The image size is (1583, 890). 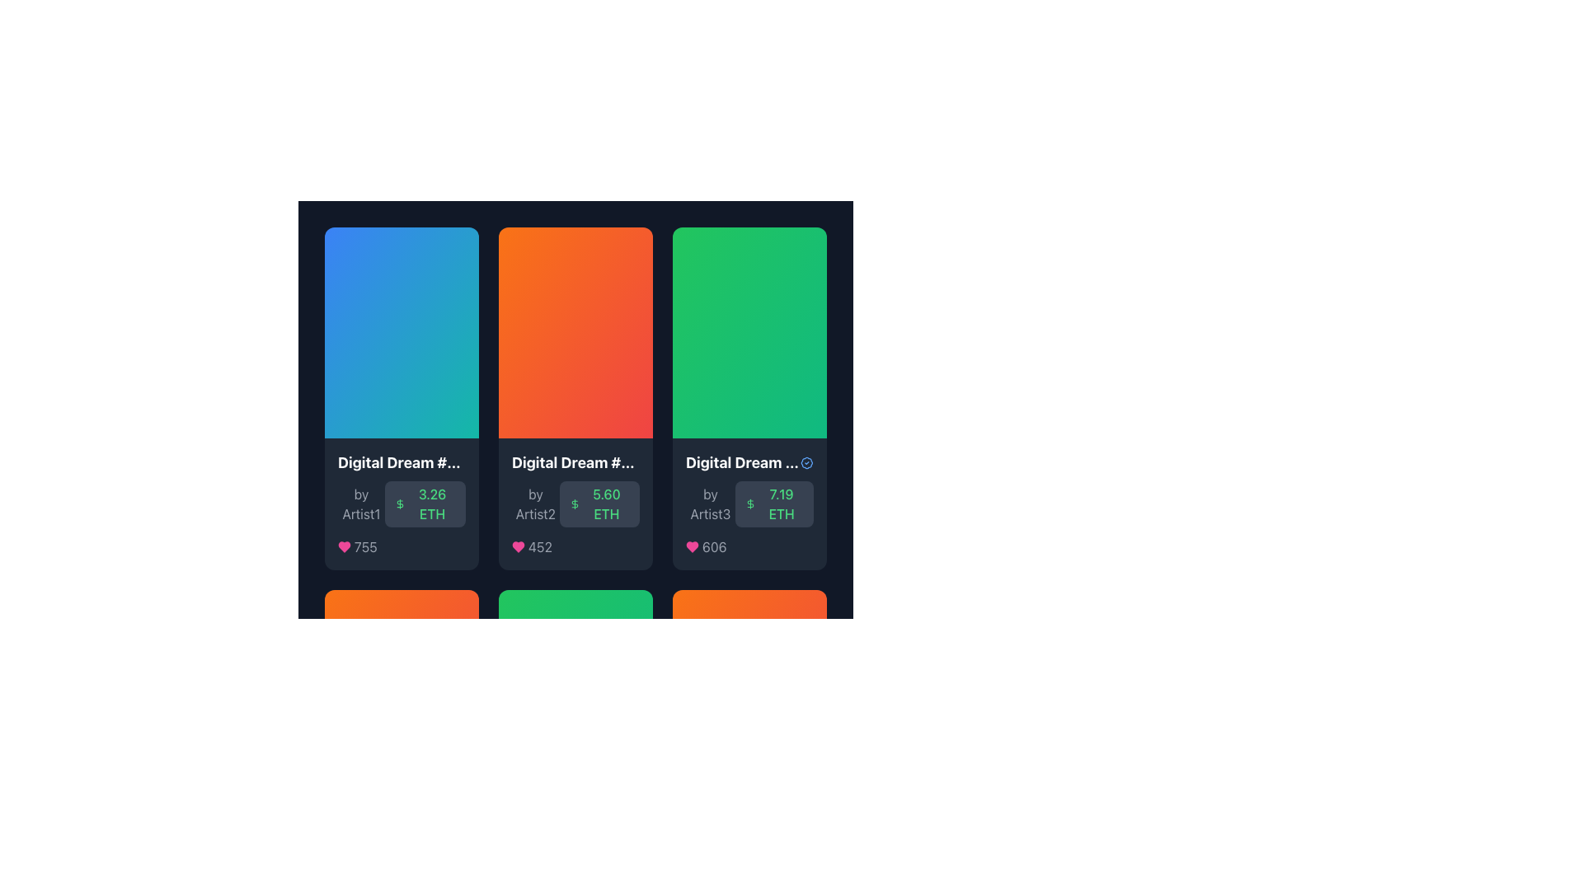 What do you see at coordinates (749, 463) in the screenshot?
I see `the blue circular badge with a checkmark icon next to the text 'Digital Dream #3222'` at bounding box center [749, 463].